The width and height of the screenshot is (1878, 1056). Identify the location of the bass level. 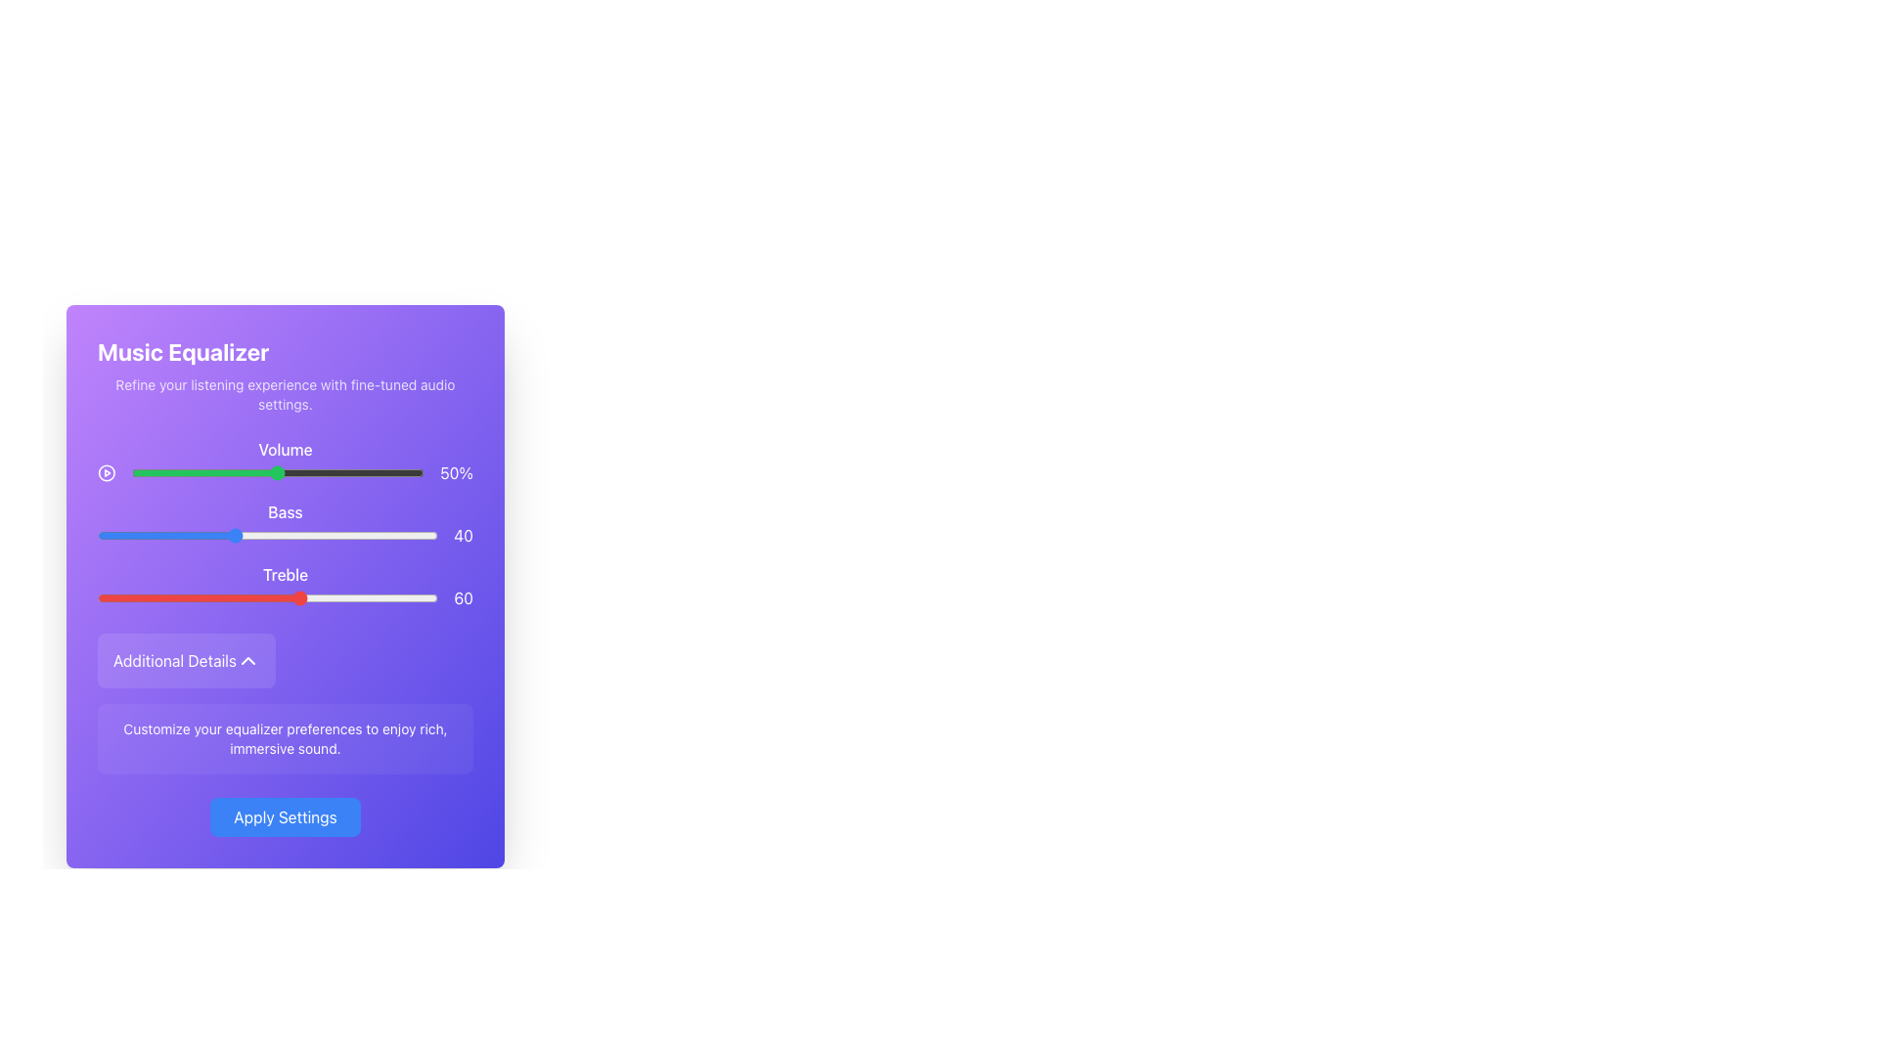
(403, 535).